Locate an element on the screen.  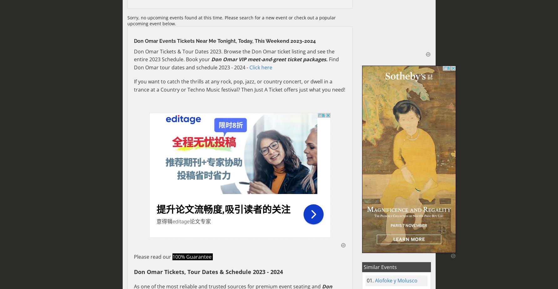
'Please read our' is located at coordinates (153, 257).